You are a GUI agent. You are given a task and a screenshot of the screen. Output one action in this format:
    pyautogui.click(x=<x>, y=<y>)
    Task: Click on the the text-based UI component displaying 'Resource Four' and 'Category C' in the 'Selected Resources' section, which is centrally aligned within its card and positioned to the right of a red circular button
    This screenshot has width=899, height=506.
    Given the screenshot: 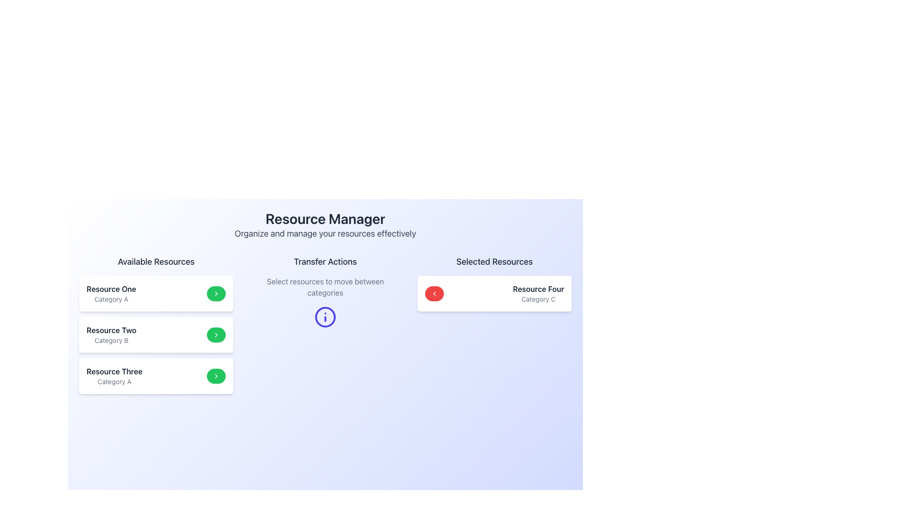 What is the action you would take?
    pyautogui.click(x=538, y=293)
    